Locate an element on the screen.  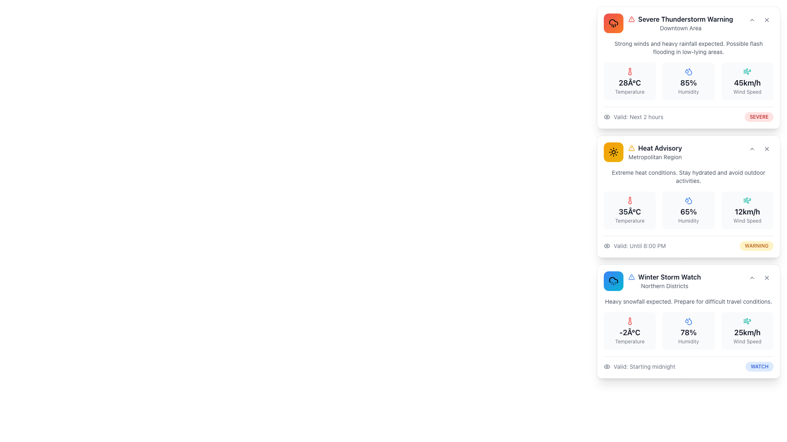
the close button in the top-right corner of the 'Heat Advisory' card is located at coordinates (767, 149).